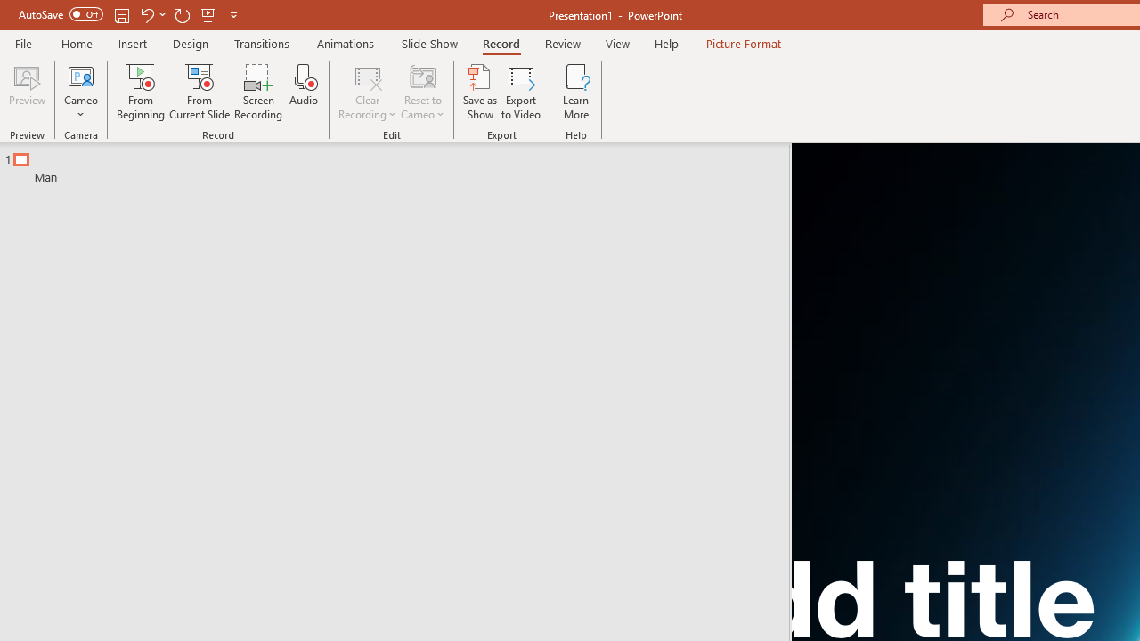 The width and height of the screenshot is (1140, 641). I want to click on 'Learn More', so click(576, 92).